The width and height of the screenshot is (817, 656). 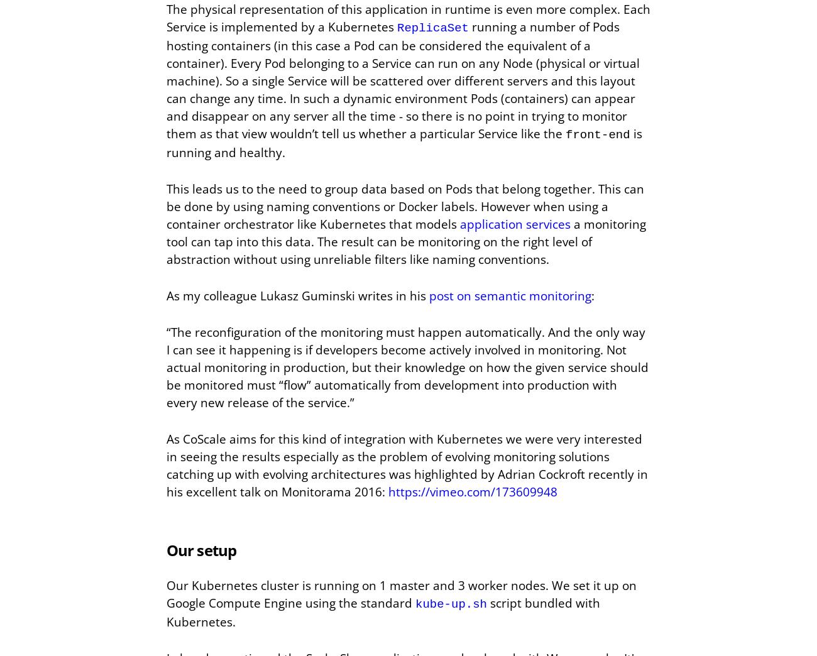 What do you see at coordinates (597, 134) in the screenshot?
I see `'front-end'` at bounding box center [597, 134].